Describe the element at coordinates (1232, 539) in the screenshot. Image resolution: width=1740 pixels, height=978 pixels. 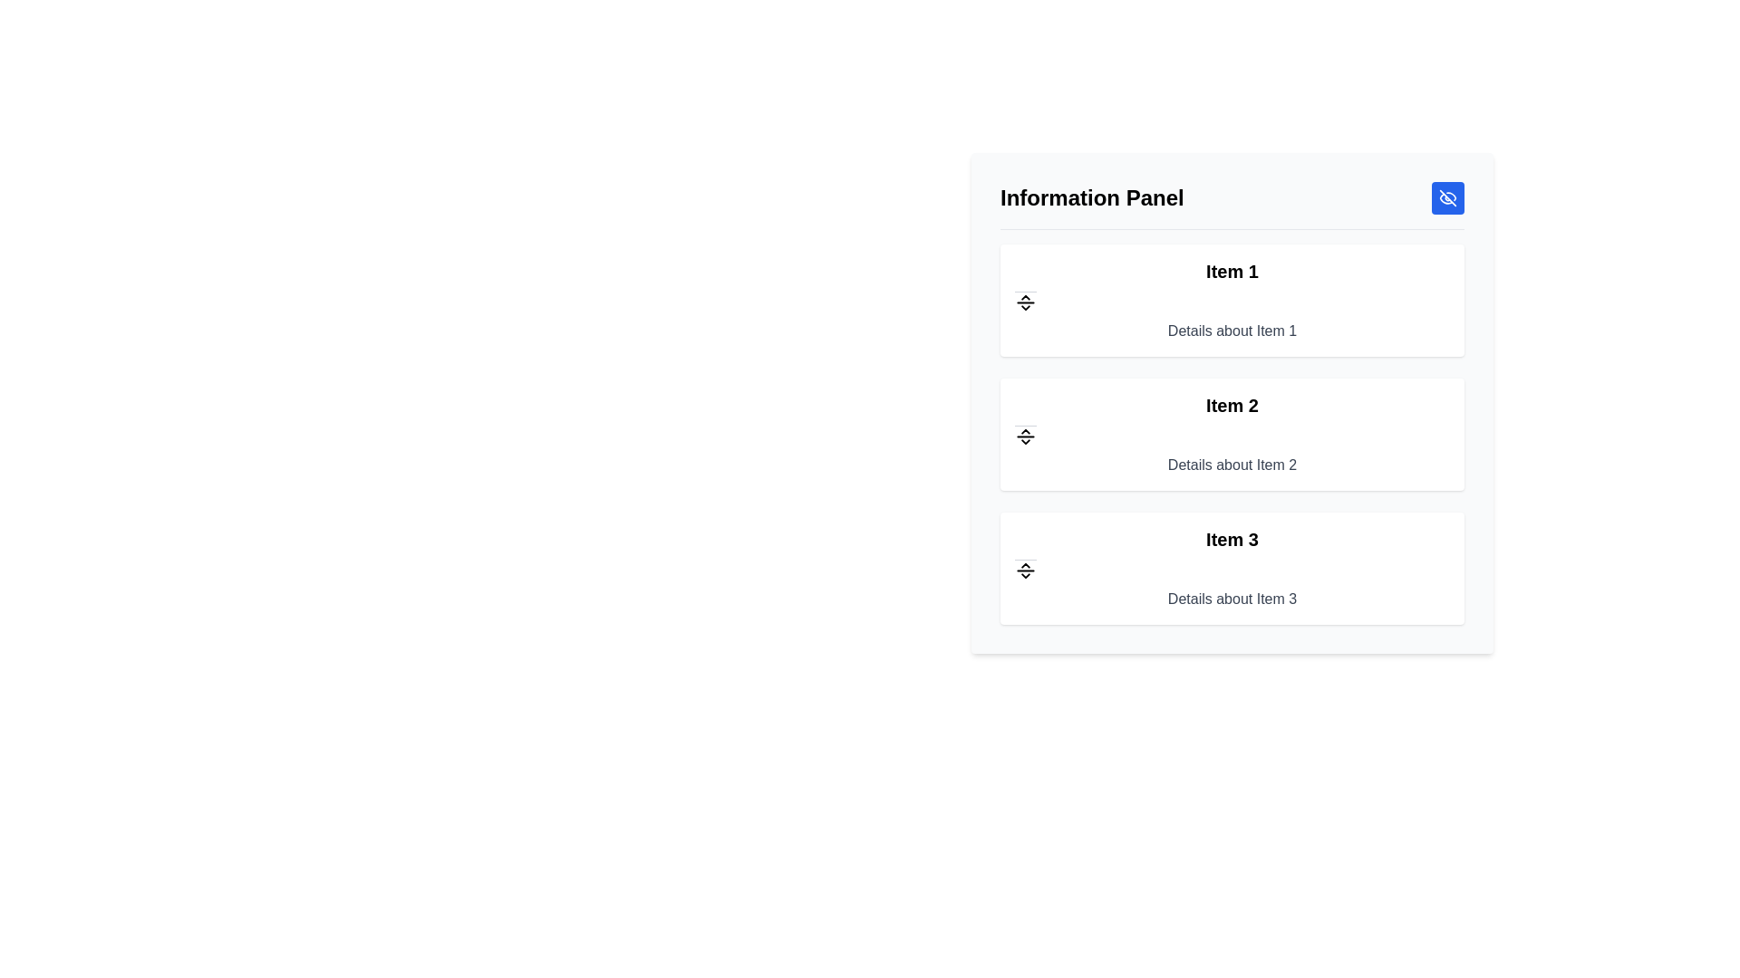
I see `the Text Label that identifies this section as 'Item 3', located at the top of the third card section` at that location.